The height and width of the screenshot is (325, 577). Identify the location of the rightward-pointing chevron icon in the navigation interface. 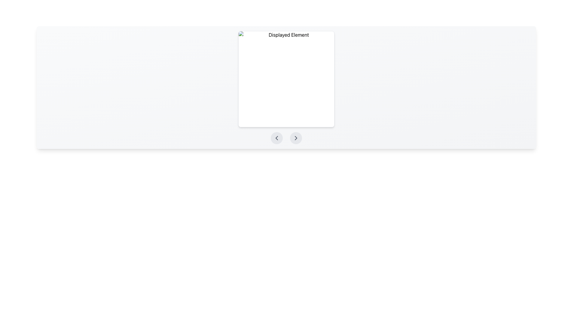
(296, 138).